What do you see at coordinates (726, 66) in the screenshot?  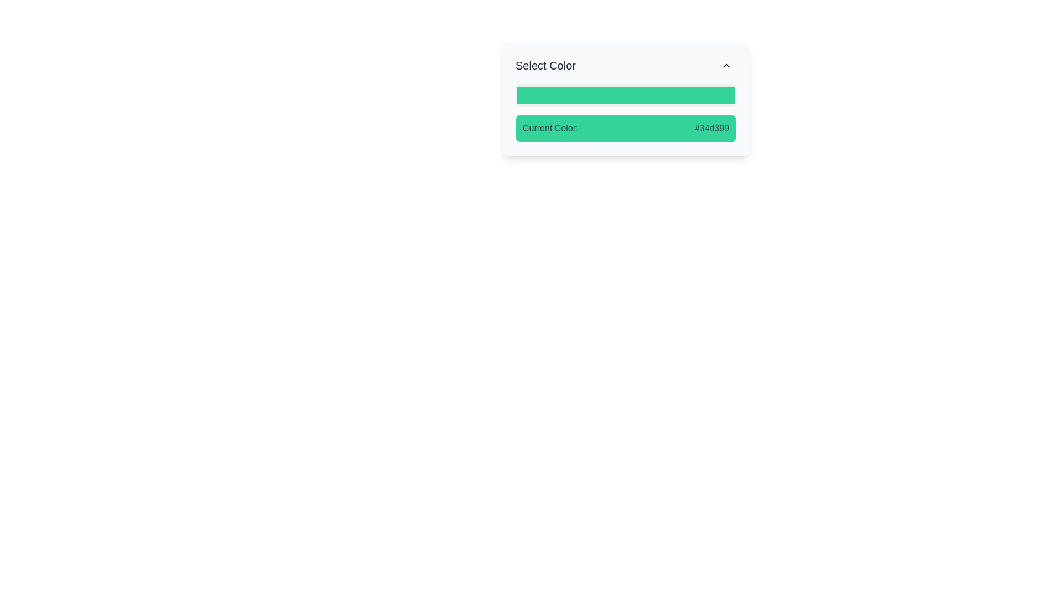 I see `the upwards-pointing chevron icon located in the top-right corner of the 'Select Color' card` at bounding box center [726, 66].